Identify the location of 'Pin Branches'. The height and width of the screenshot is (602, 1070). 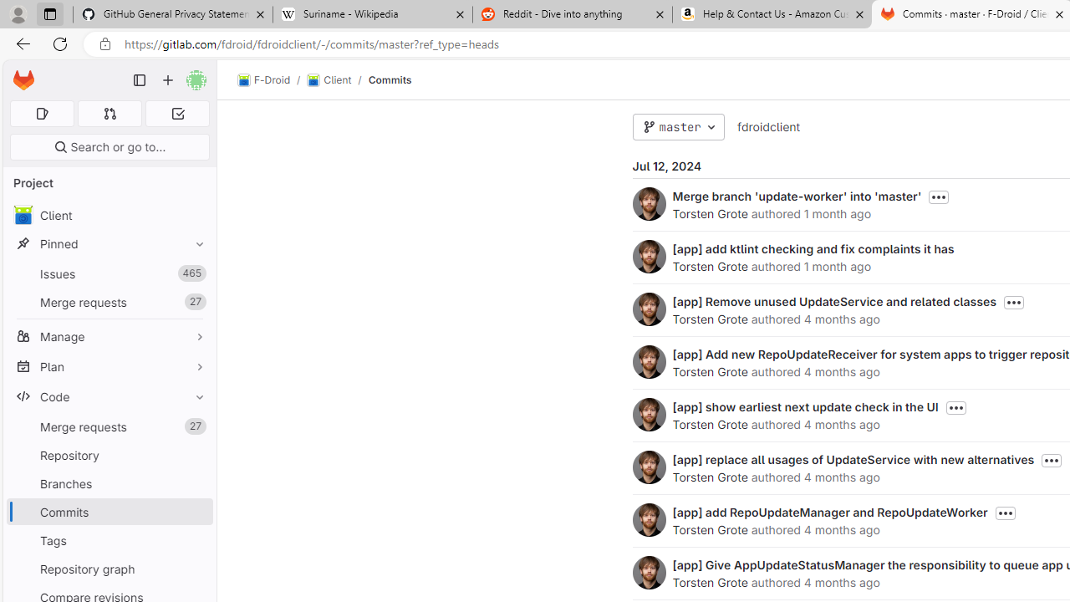
(196, 483).